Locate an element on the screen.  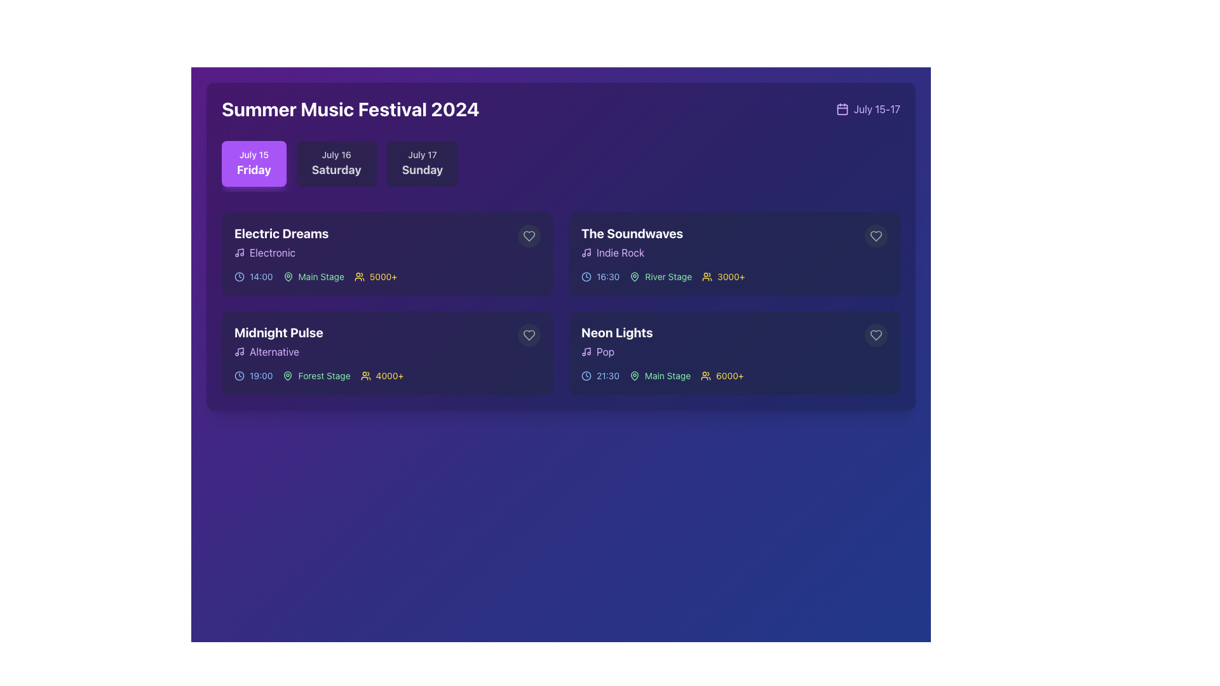
the bold 'Saturday' label, which is prominently displayed in white on a purple background, located in the second interactive box of the 'July 15 - July 17' date selection row is located at coordinates (336, 169).